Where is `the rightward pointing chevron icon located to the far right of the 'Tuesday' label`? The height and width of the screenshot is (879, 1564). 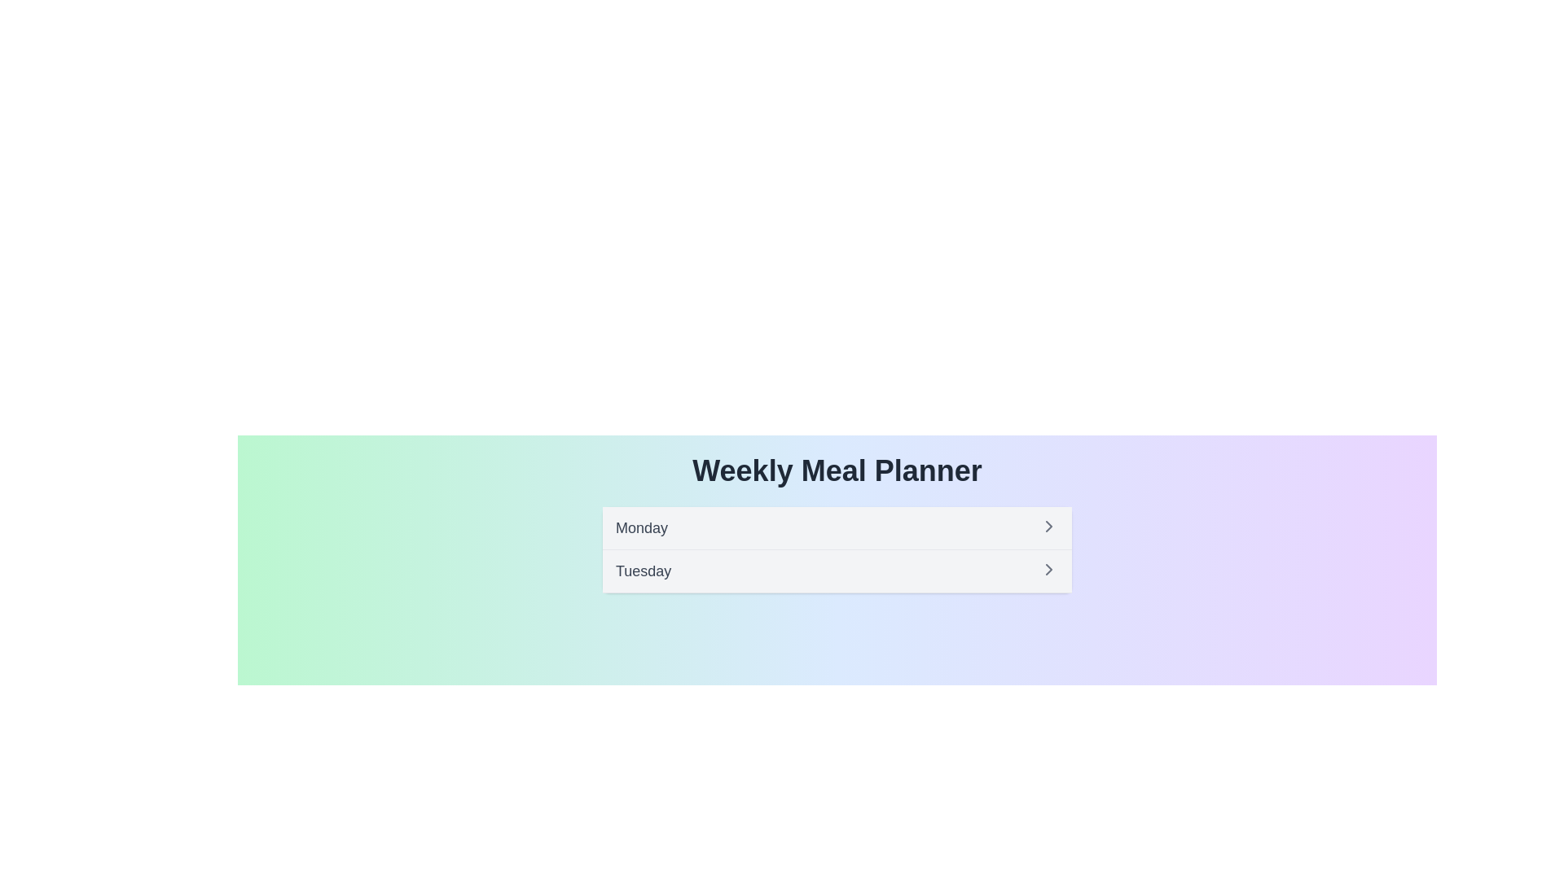 the rightward pointing chevron icon located to the far right of the 'Tuesday' label is located at coordinates (1048, 568).